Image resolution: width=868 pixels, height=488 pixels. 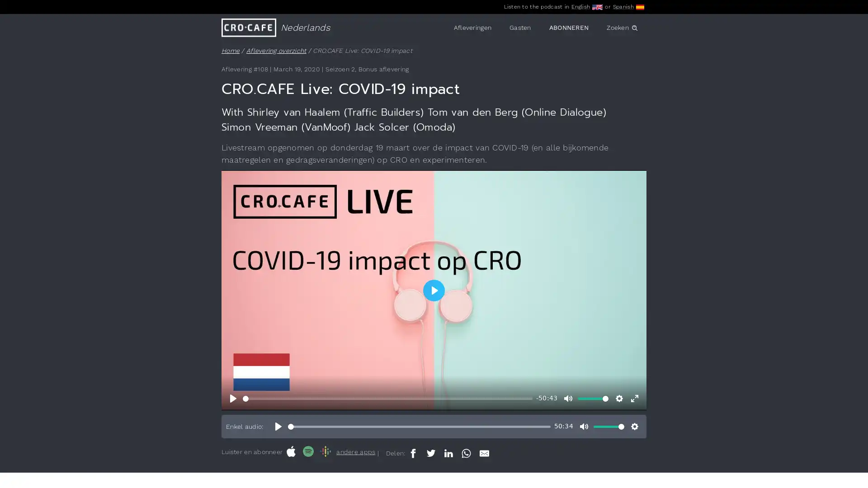 I want to click on Play, COVID 19 & CRO, so click(x=434, y=290).